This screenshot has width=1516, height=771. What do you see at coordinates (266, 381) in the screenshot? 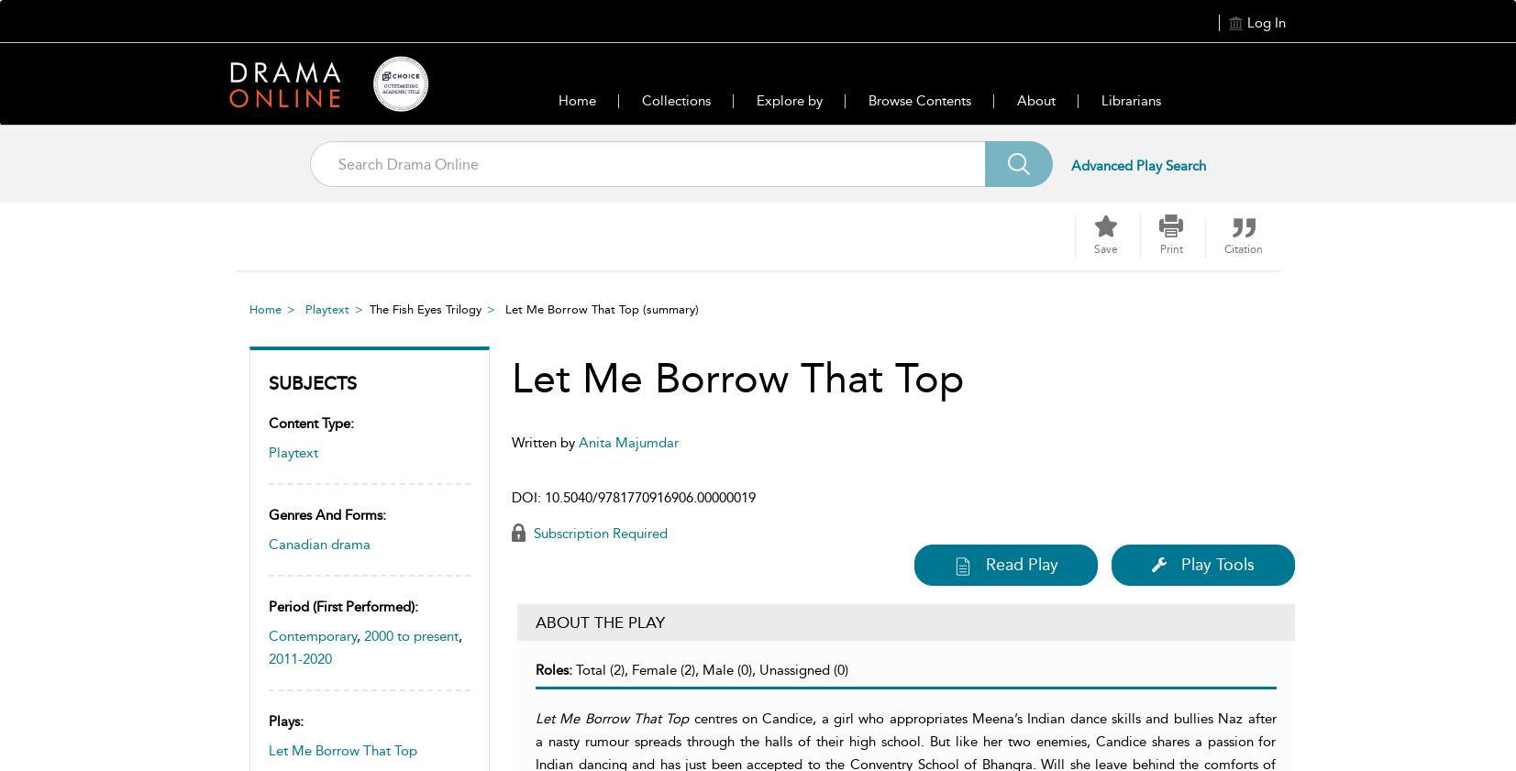
I see `'Subjects'` at bounding box center [266, 381].